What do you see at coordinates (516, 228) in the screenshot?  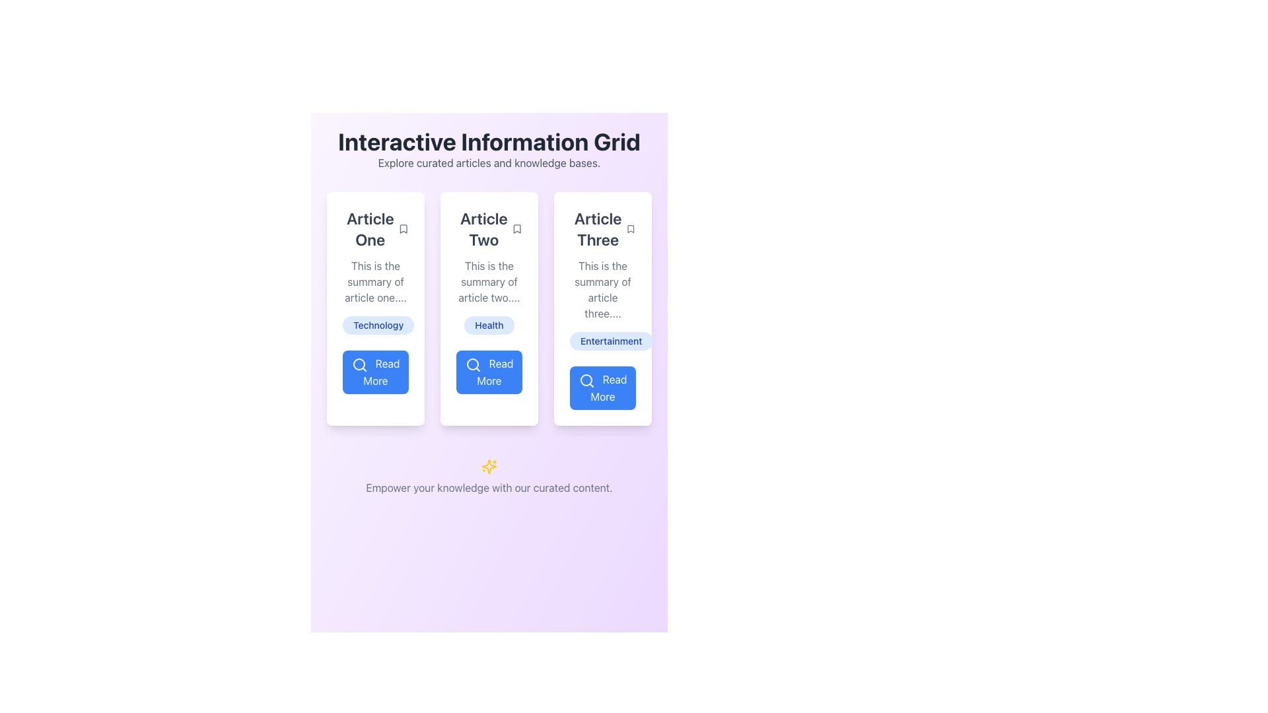 I see `the Bookmark icon located at the top-right corner of the 'Article Two' card` at bounding box center [516, 228].